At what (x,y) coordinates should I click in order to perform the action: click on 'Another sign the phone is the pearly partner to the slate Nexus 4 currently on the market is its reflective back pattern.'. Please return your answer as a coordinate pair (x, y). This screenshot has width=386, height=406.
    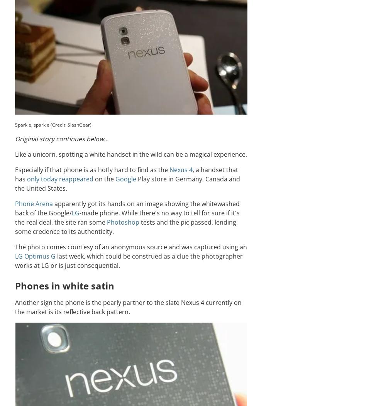
    Looking at the image, I should click on (128, 307).